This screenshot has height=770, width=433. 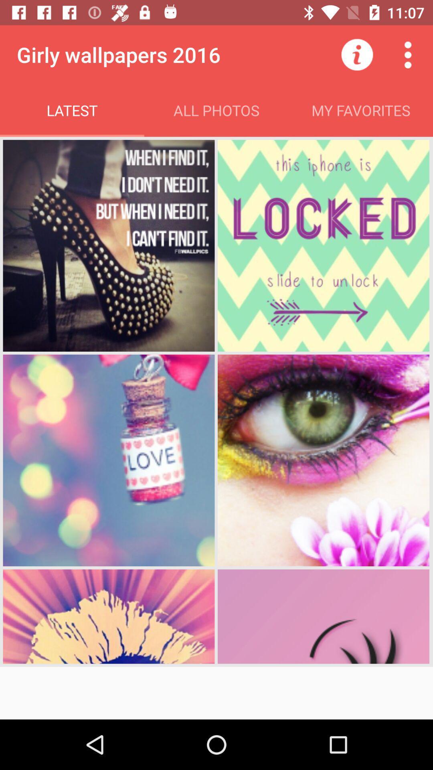 What do you see at coordinates (357, 54) in the screenshot?
I see `the icon to the right of all photos app` at bounding box center [357, 54].